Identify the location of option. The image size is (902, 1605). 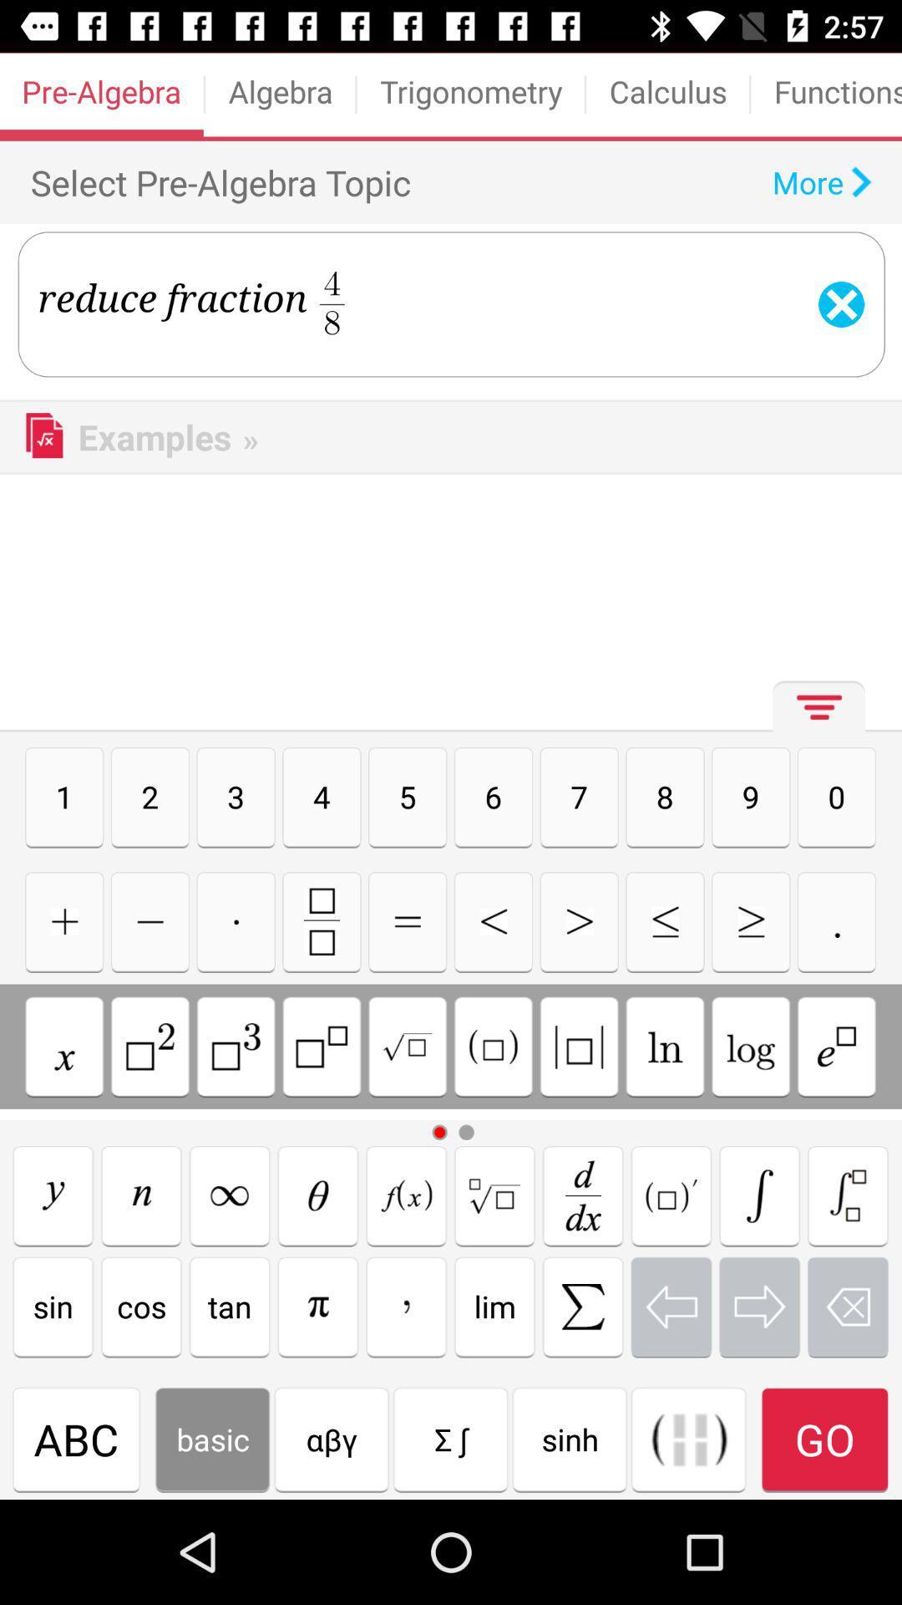
(236, 920).